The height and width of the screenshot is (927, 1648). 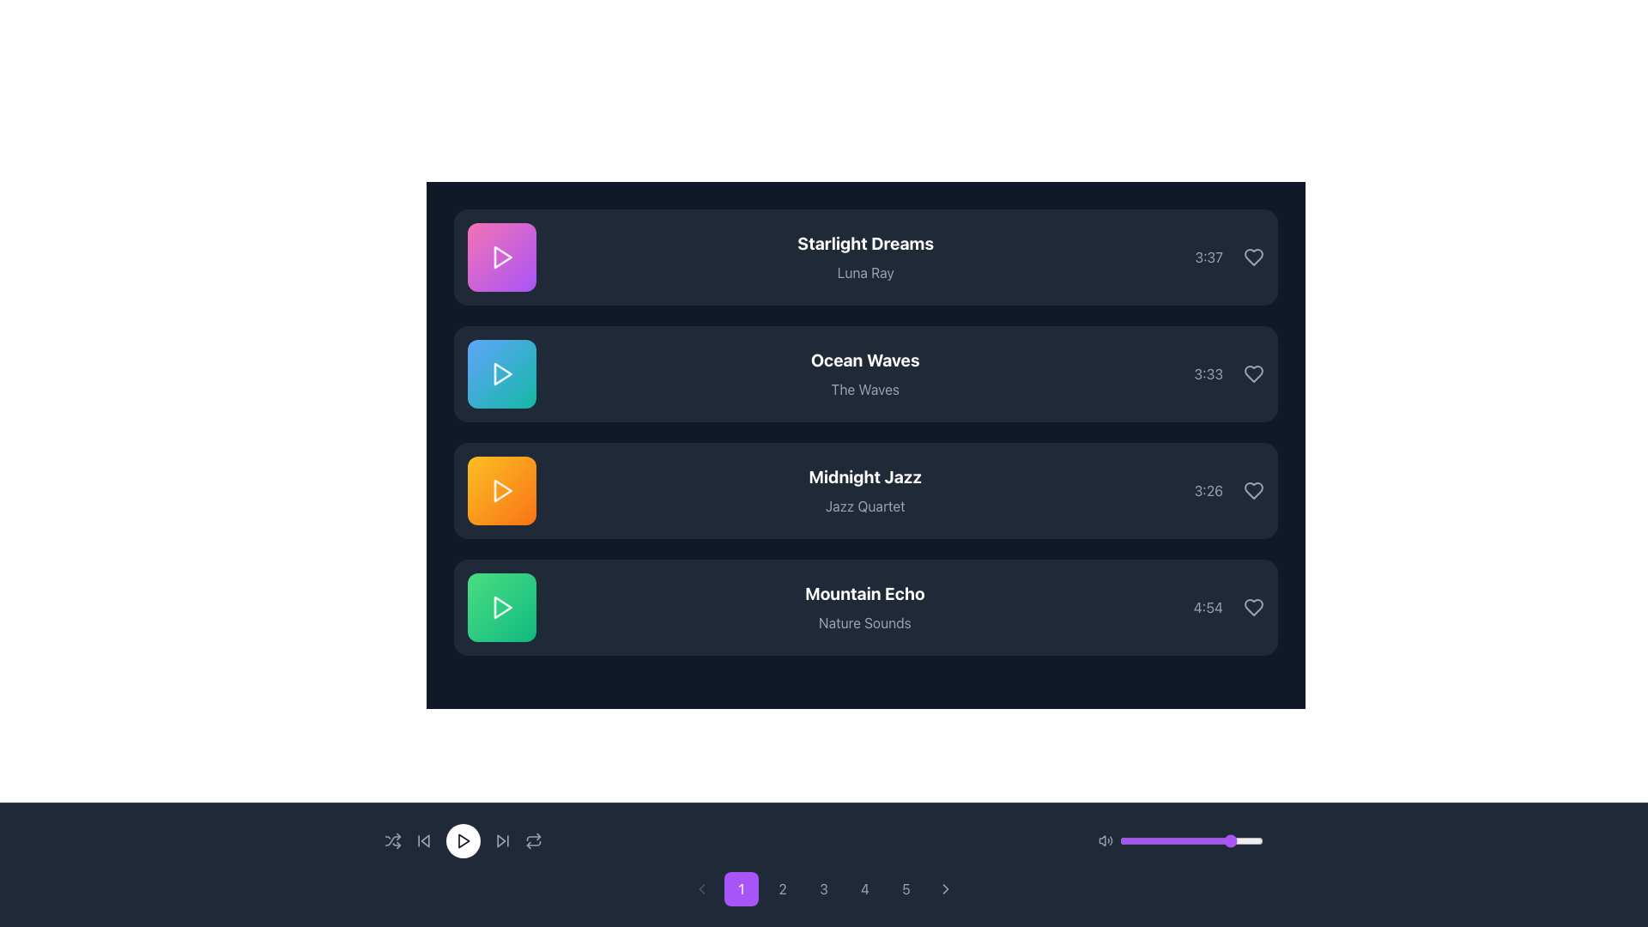 I want to click on the TextLabel displaying the time duration for the 'Midnight Jazz' track, located to the far right of its corresponding row, so click(x=1228, y=490).